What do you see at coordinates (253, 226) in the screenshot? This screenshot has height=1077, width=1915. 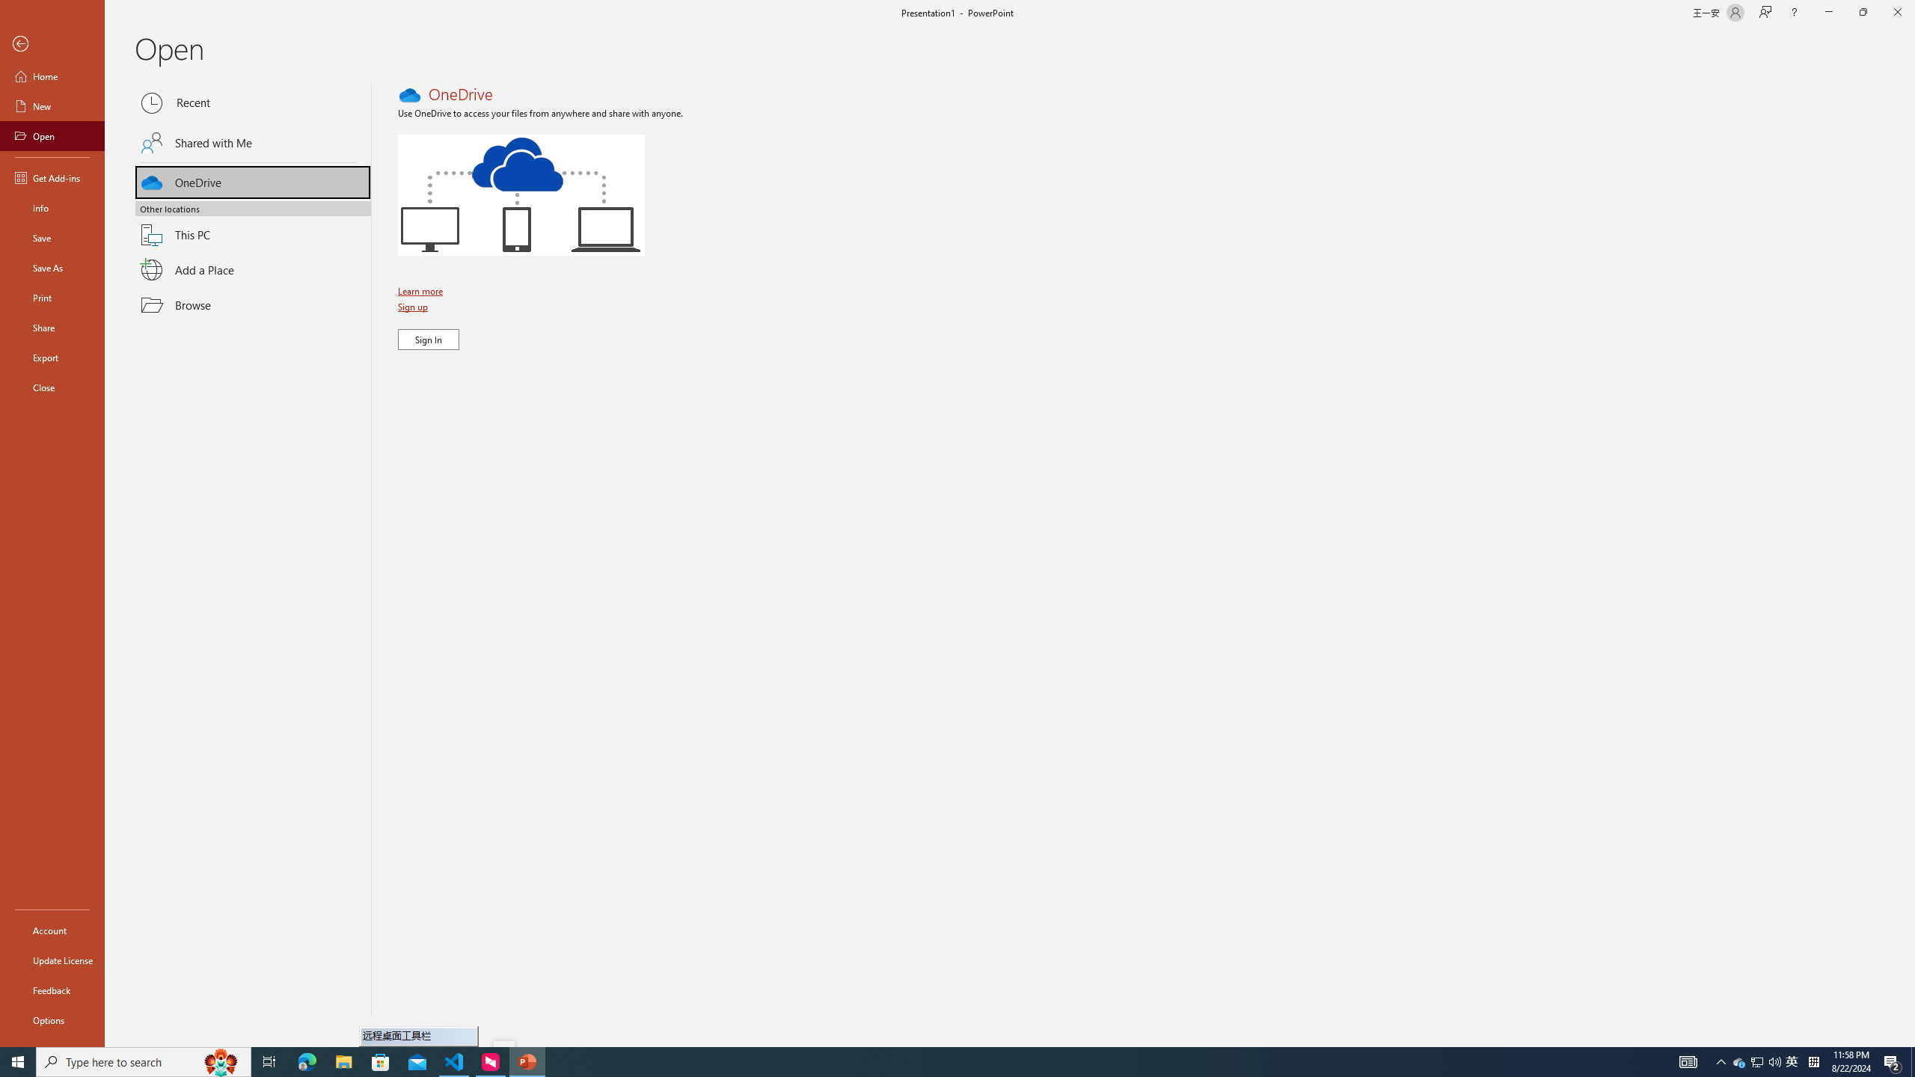 I see `'This PC'` at bounding box center [253, 226].